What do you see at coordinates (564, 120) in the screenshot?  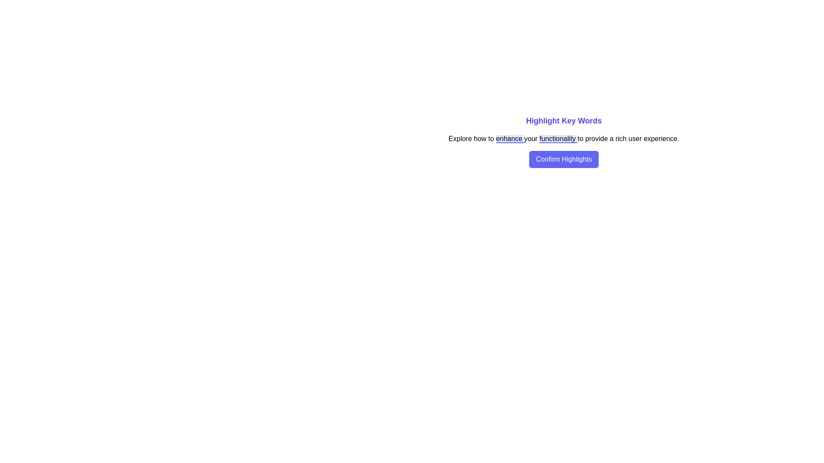 I see `the text label displaying 'Highlight Key Words' in bold indigo color, which is positioned above the descriptive text and the 'Confirm Highlights' button` at bounding box center [564, 120].